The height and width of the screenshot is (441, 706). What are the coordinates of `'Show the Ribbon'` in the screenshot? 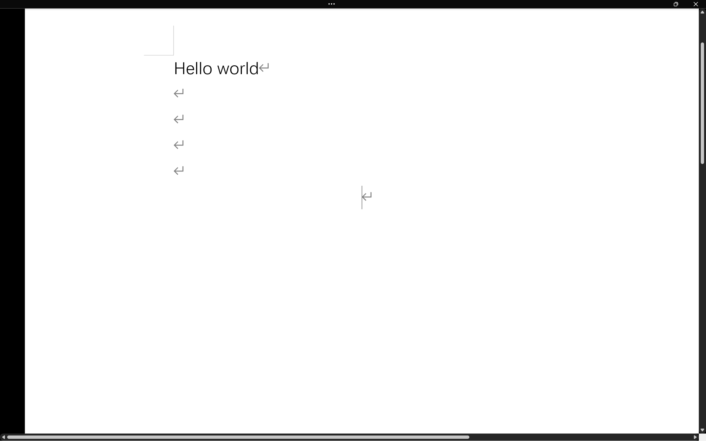 It's located at (333, 4).